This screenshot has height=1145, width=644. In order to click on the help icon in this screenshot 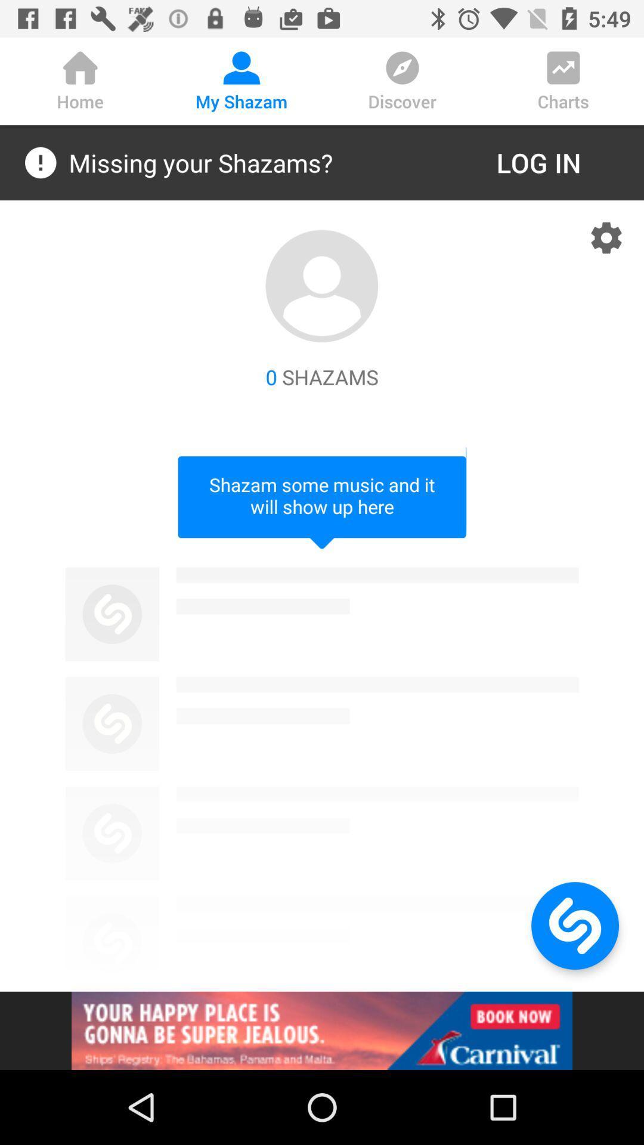, I will do `click(574, 925)`.